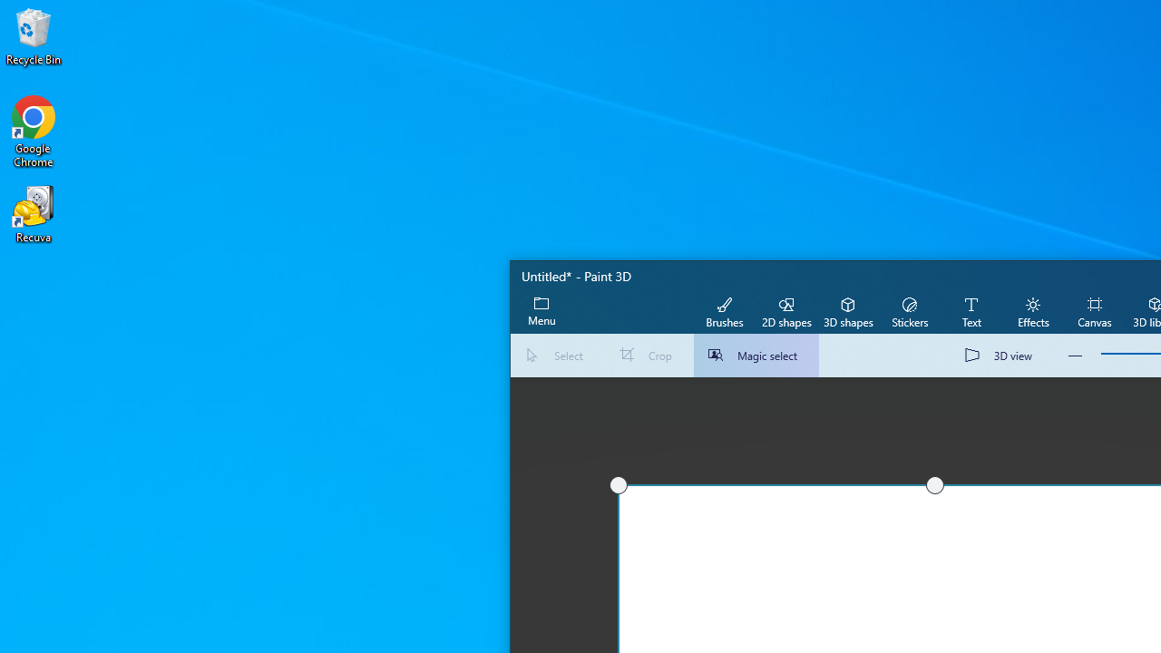 The width and height of the screenshot is (1161, 653). I want to click on '3D view', so click(1001, 356).